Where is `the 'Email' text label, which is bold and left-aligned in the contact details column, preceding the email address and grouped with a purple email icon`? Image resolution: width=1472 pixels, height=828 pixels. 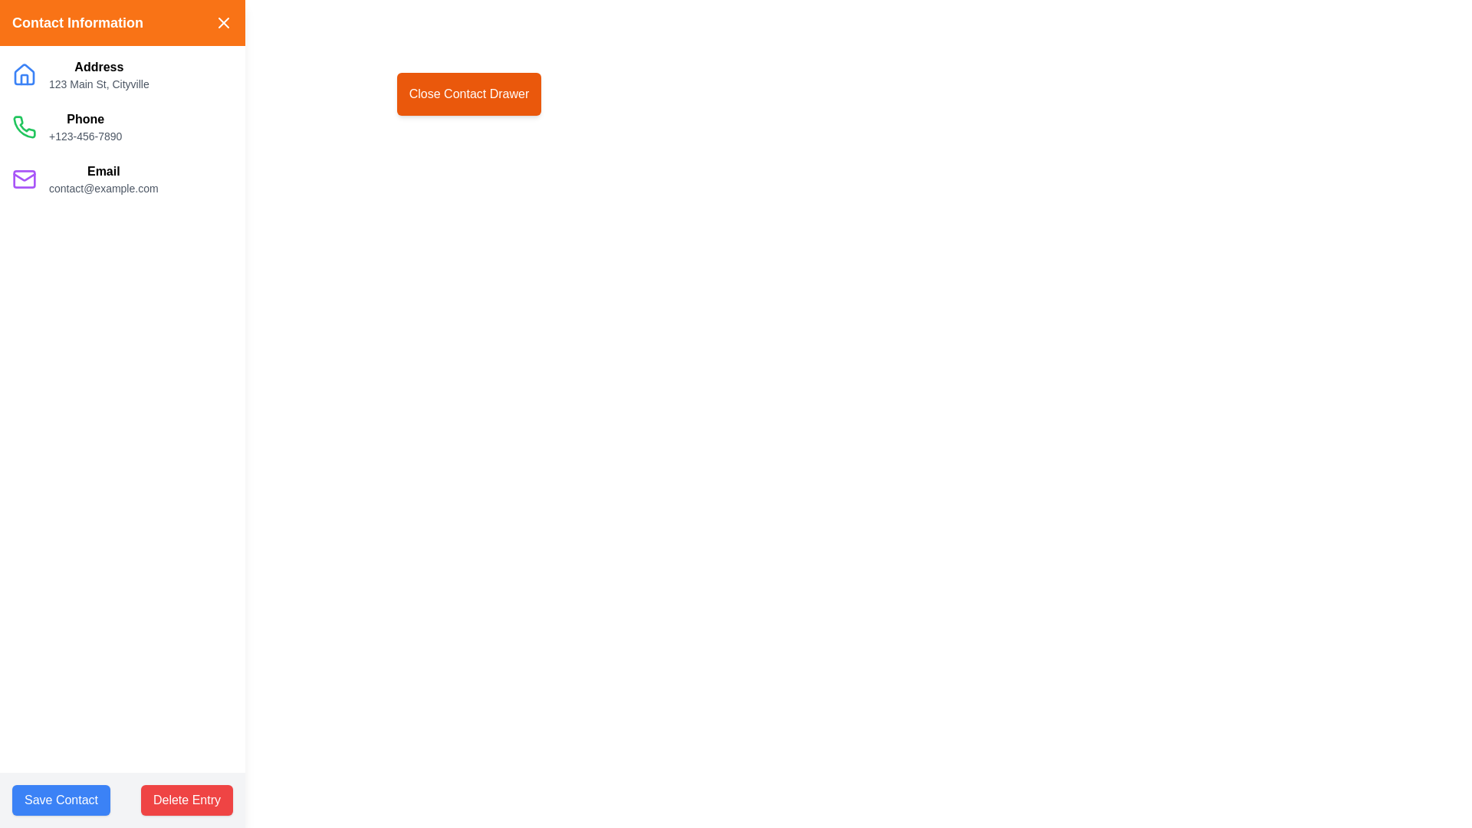
the 'Email' text label, which is bold and left-aligned in the contact details column, preceding the email address and grouped with a purple email icon is located at coordinates (103, 171).